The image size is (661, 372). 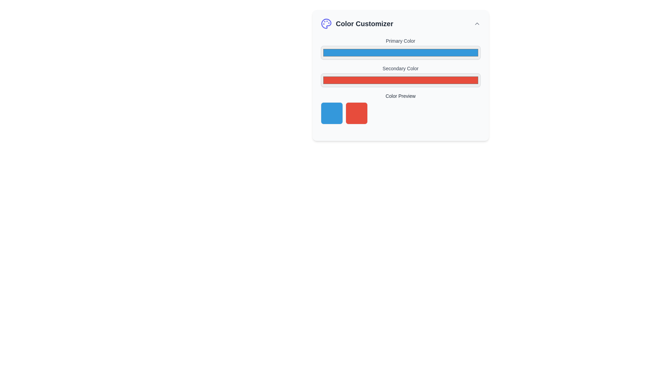 What do you see at coordinates (400, 76) in the screenshot?
I see `the 'Secondary Color' input field in the 'Color Customizer' section` at bounding box center [400, 76].